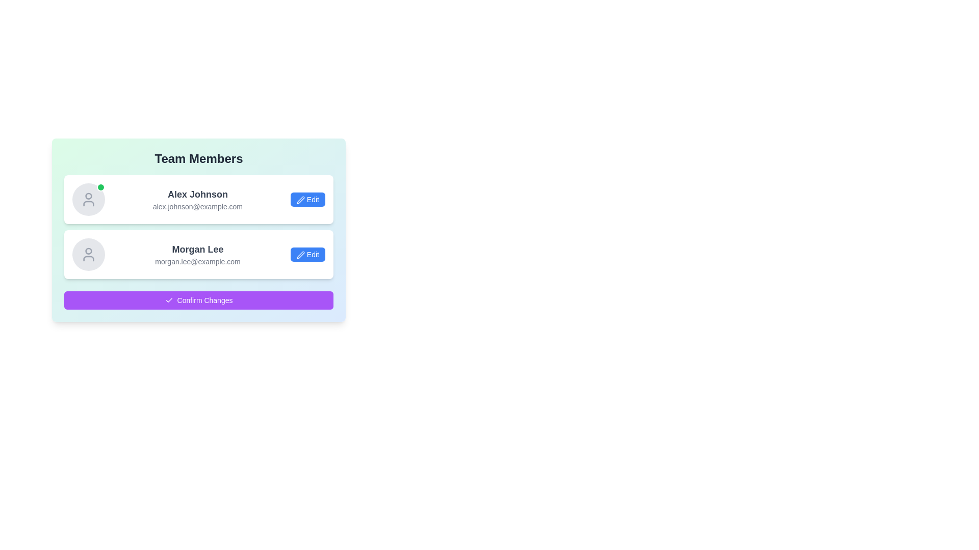  What do you see at coordinates (198, 249) in the screenshot?
I see `the text 'Morgan Lee' for copying from the text label above the email address in the team member section` at bounding box center [198, 249].